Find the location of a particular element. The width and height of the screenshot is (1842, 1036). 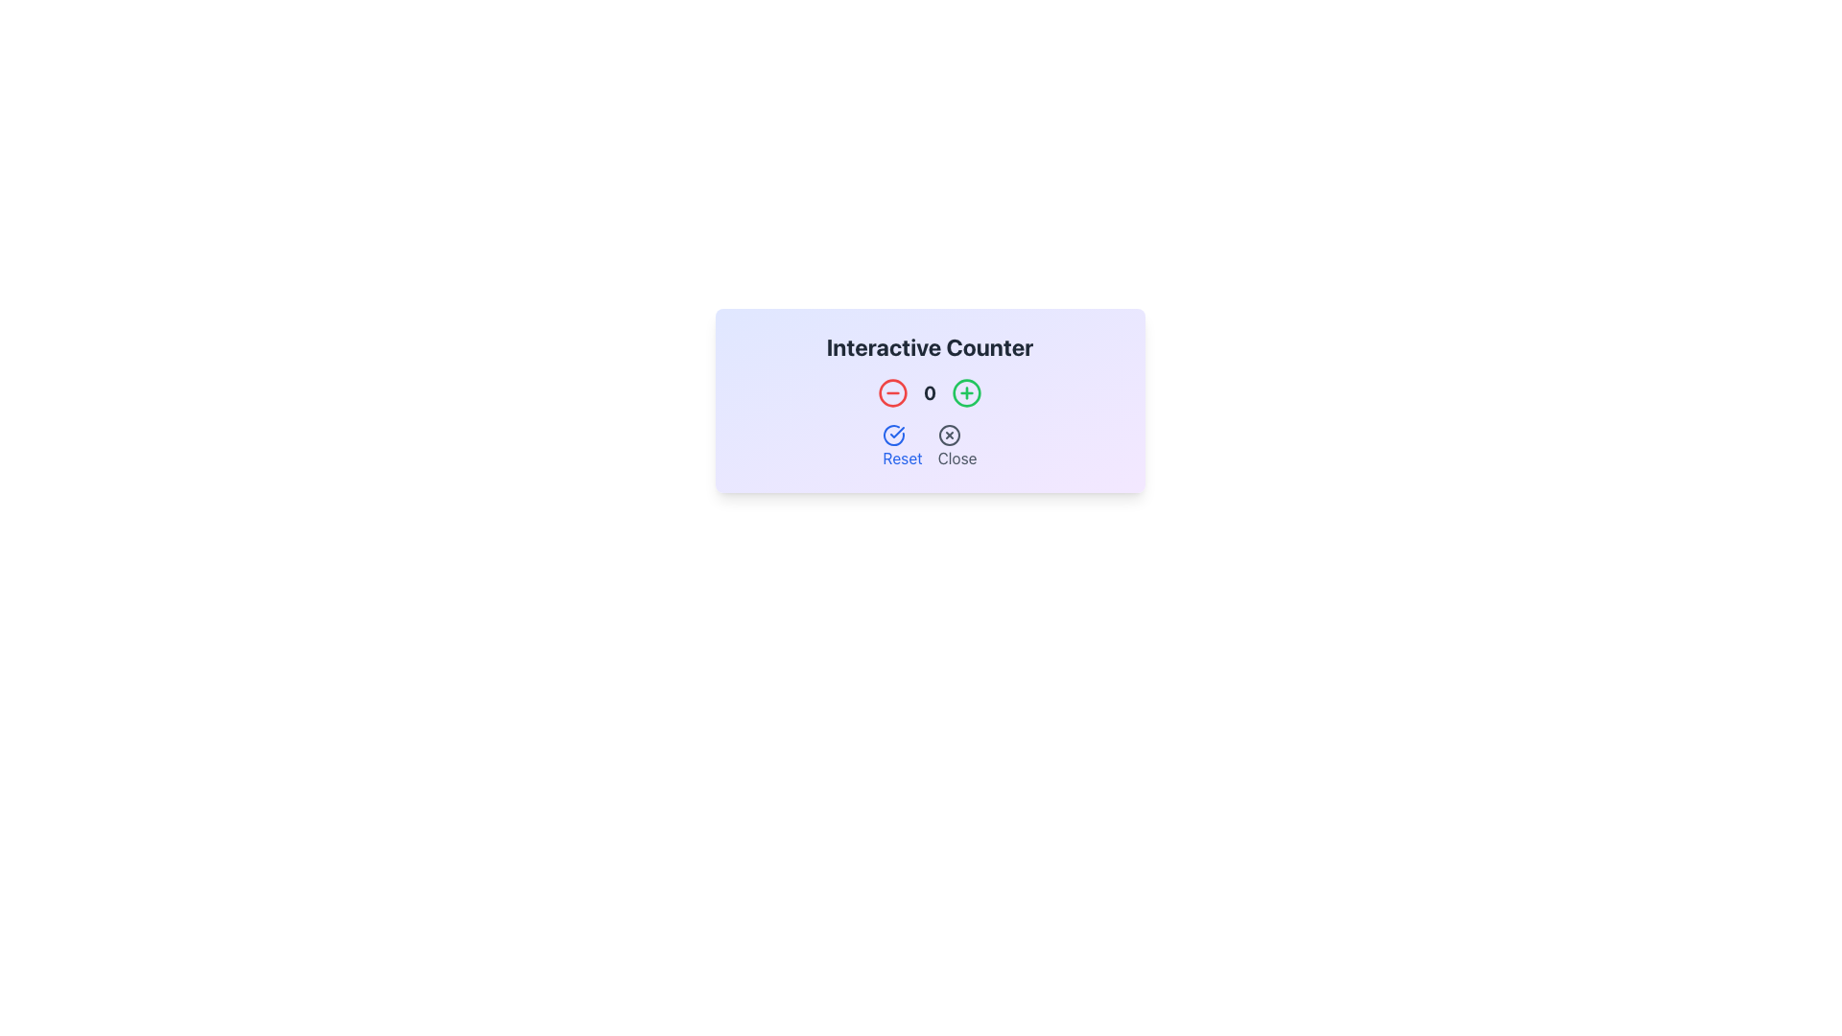

the graphical icon within the 'Reset' button, which indicates the resetting functionality visually and is centered above the text label 'Reset' is located at coordinates (893, 436).